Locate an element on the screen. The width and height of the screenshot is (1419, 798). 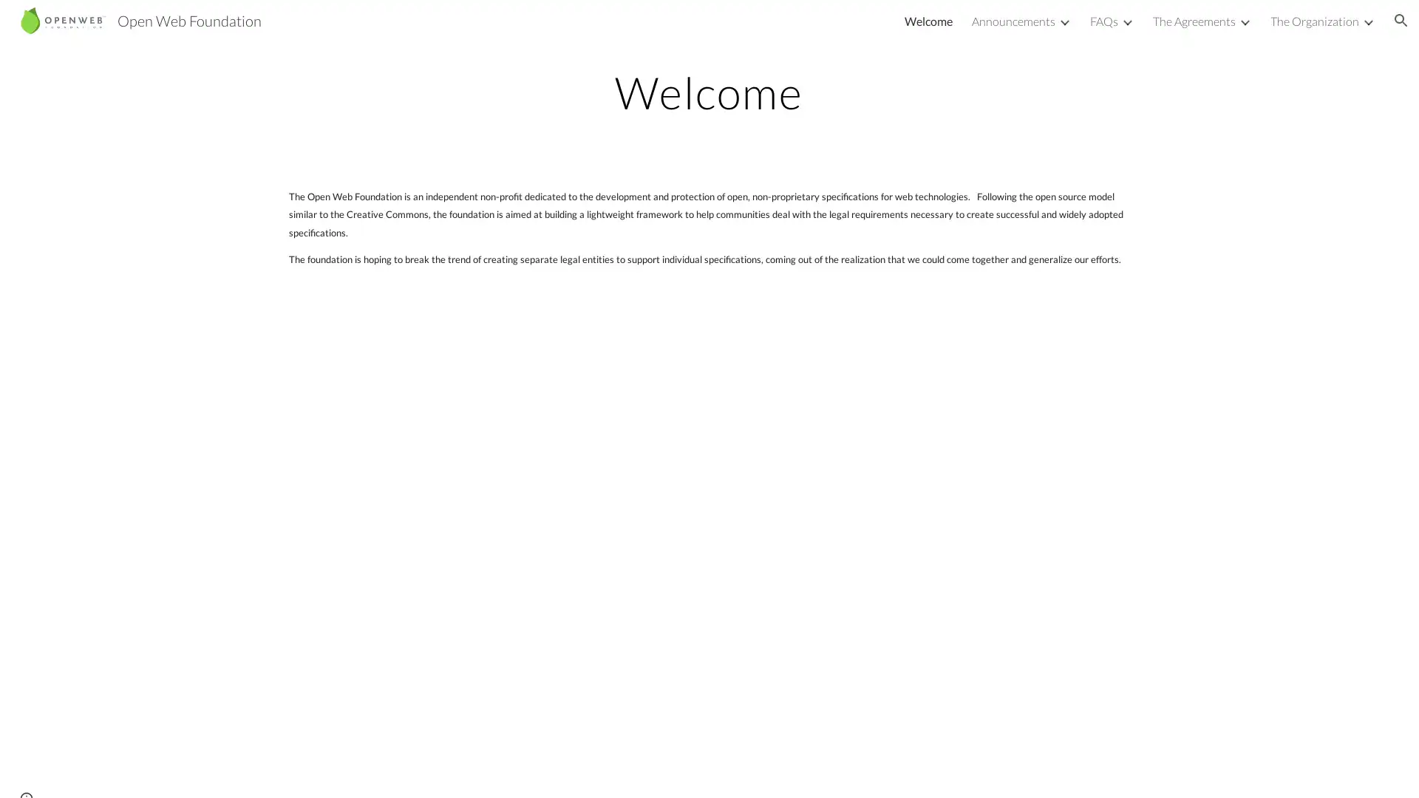
Skip to navigation is located at coordinates (842, 27).